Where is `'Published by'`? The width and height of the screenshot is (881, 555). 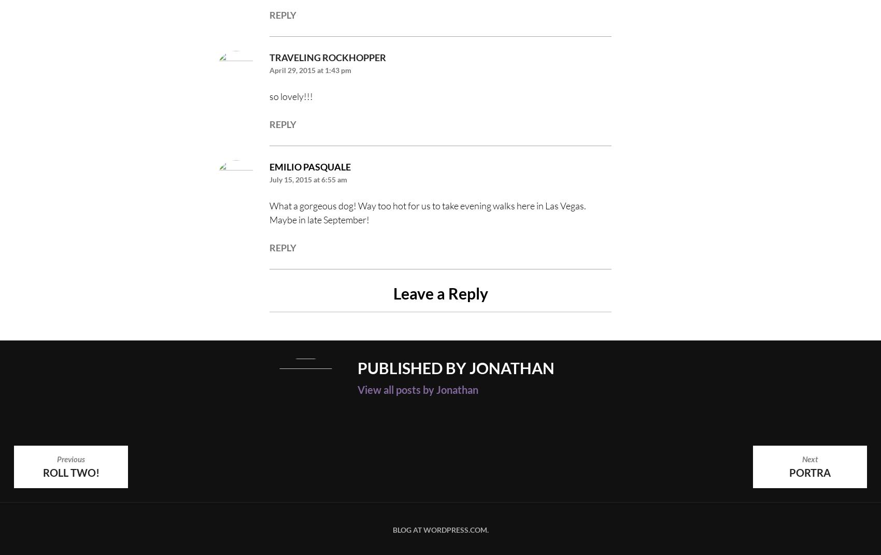 'Published by' is located at coordinates (412, 367).